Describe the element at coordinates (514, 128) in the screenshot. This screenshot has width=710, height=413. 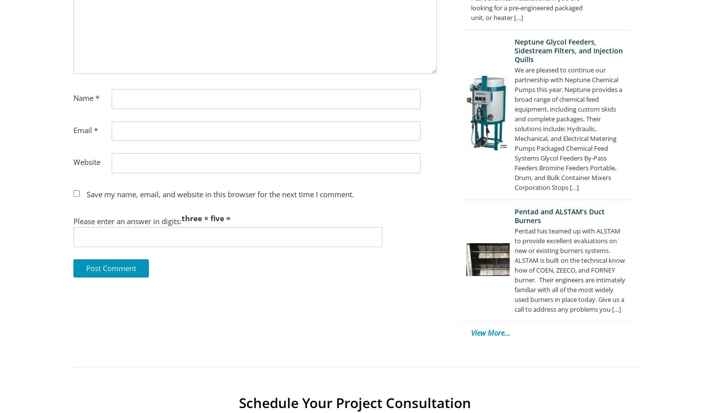
I see `'We are pleased to continue our partnership with Neptune Chemical Pumps this year. Neptune provides a broad range of chemical feed equipment, including custom skids and complete packages. Their solutions include: Hydraulic, Mechanical, and Electrical Metering Pumps Packaged Chemical Feed Systems Glycol Feeders By-Pass Feeders Bromine Feeders Portable, Drum, and Bulk Container Mixers Corporation Stops […]'` at that location.